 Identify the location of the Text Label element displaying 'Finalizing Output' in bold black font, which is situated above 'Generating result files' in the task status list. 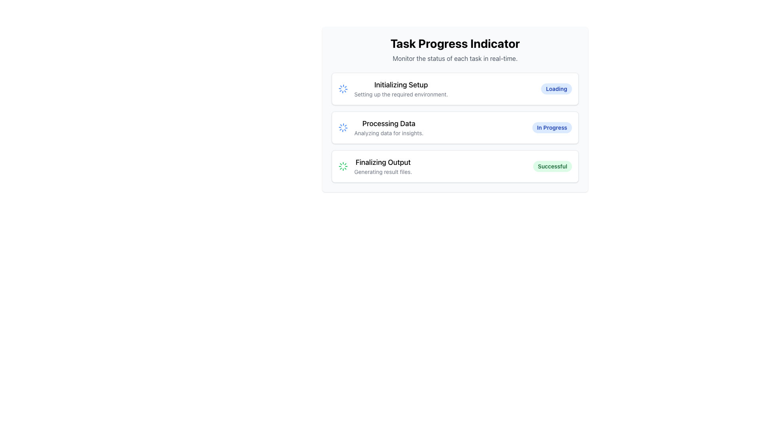
(383, 162).